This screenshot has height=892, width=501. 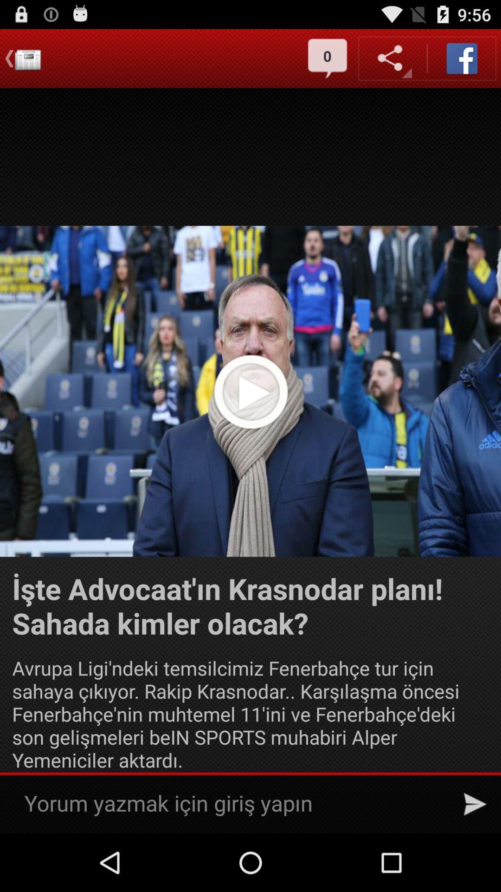 I want to click on send message, so click(x=475, y=804).